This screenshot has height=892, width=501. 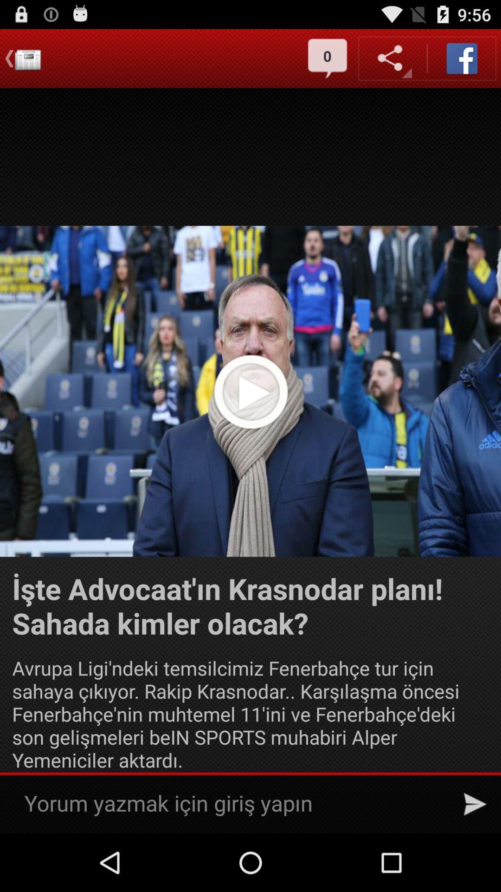 I want to click on send message, so click(x=475, y=804).